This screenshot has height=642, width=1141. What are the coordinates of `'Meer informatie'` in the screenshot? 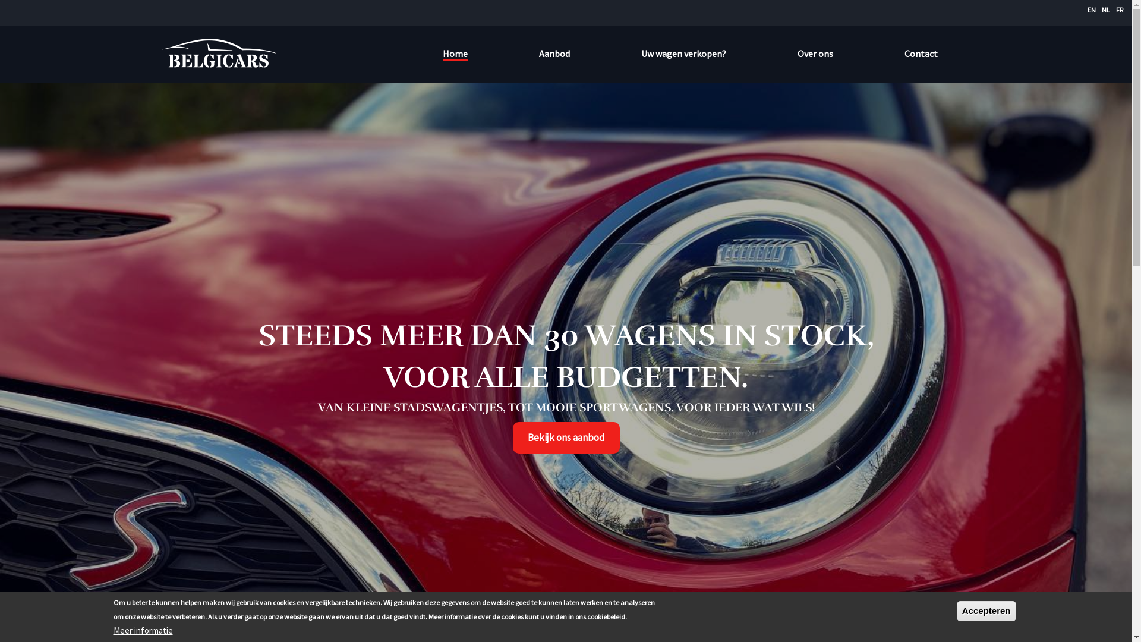 It's located at (113, 630).